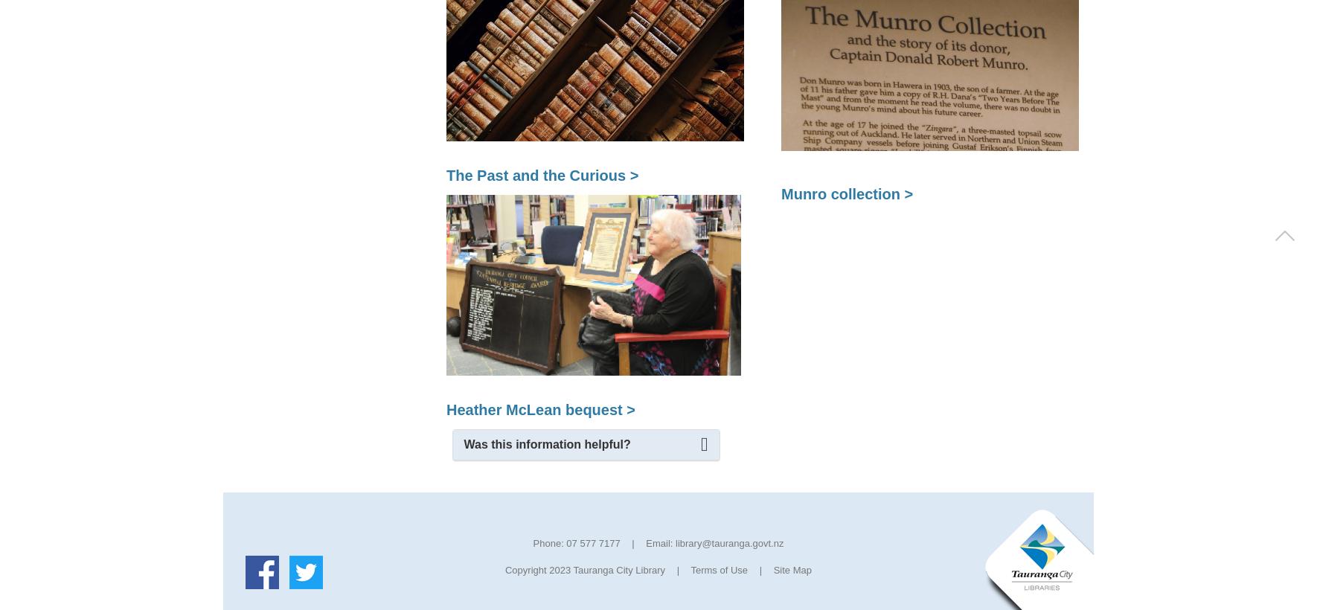 Image resolution: width=1317 pixels, height=610 pixels. Describe the element at coordinates (546, 444) in the screenshot. I see `'Was this information helpful?'` at that location.